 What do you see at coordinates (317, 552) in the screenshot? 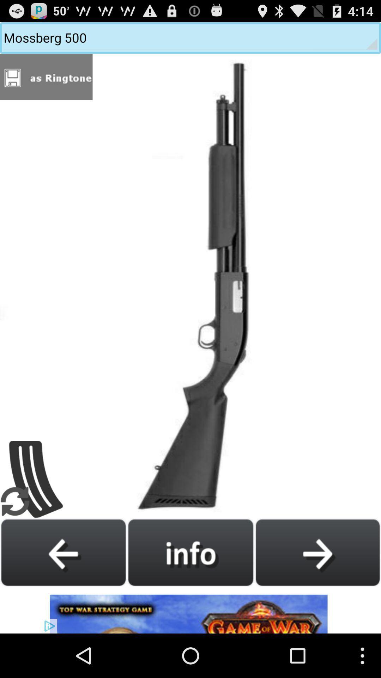
I see `go forward` at bounding box center [317, 552].